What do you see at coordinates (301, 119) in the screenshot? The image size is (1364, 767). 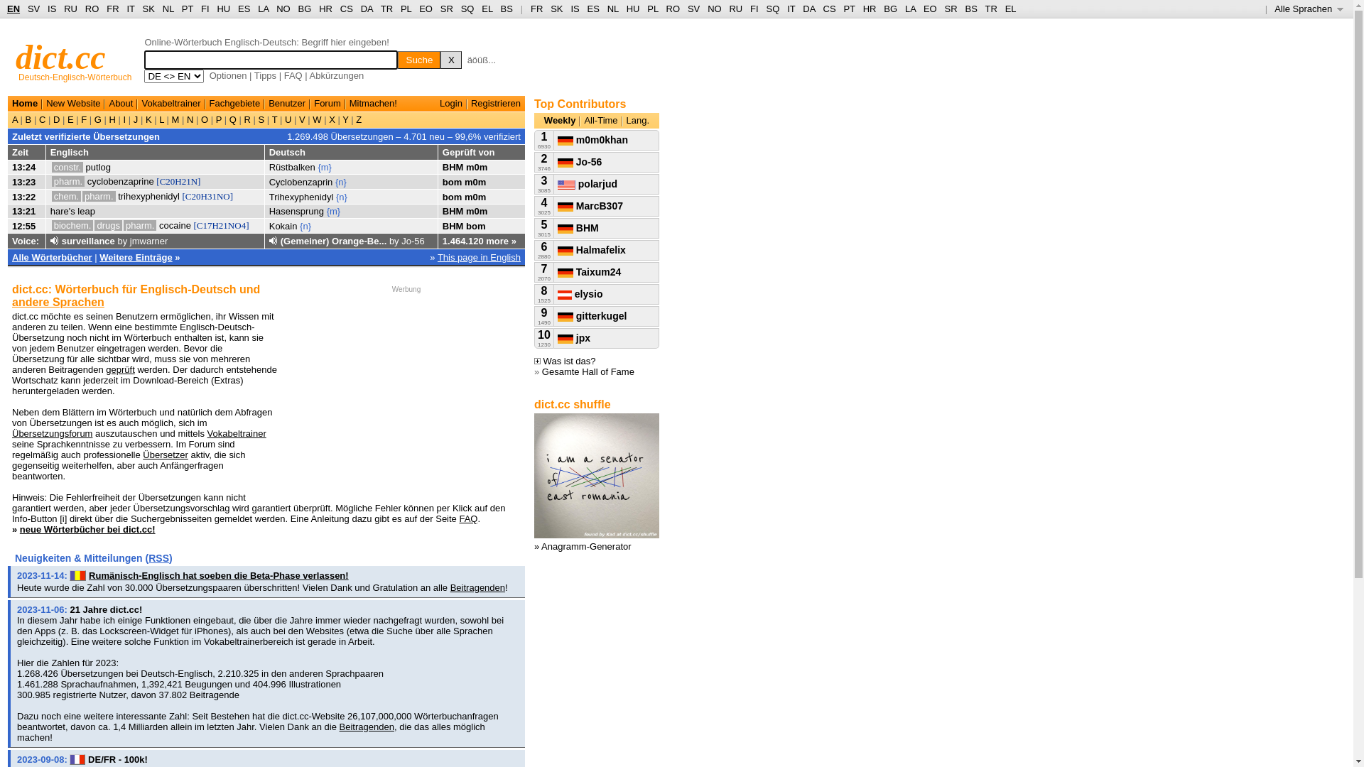 I see `'V'` at bounding box center [301, 119].